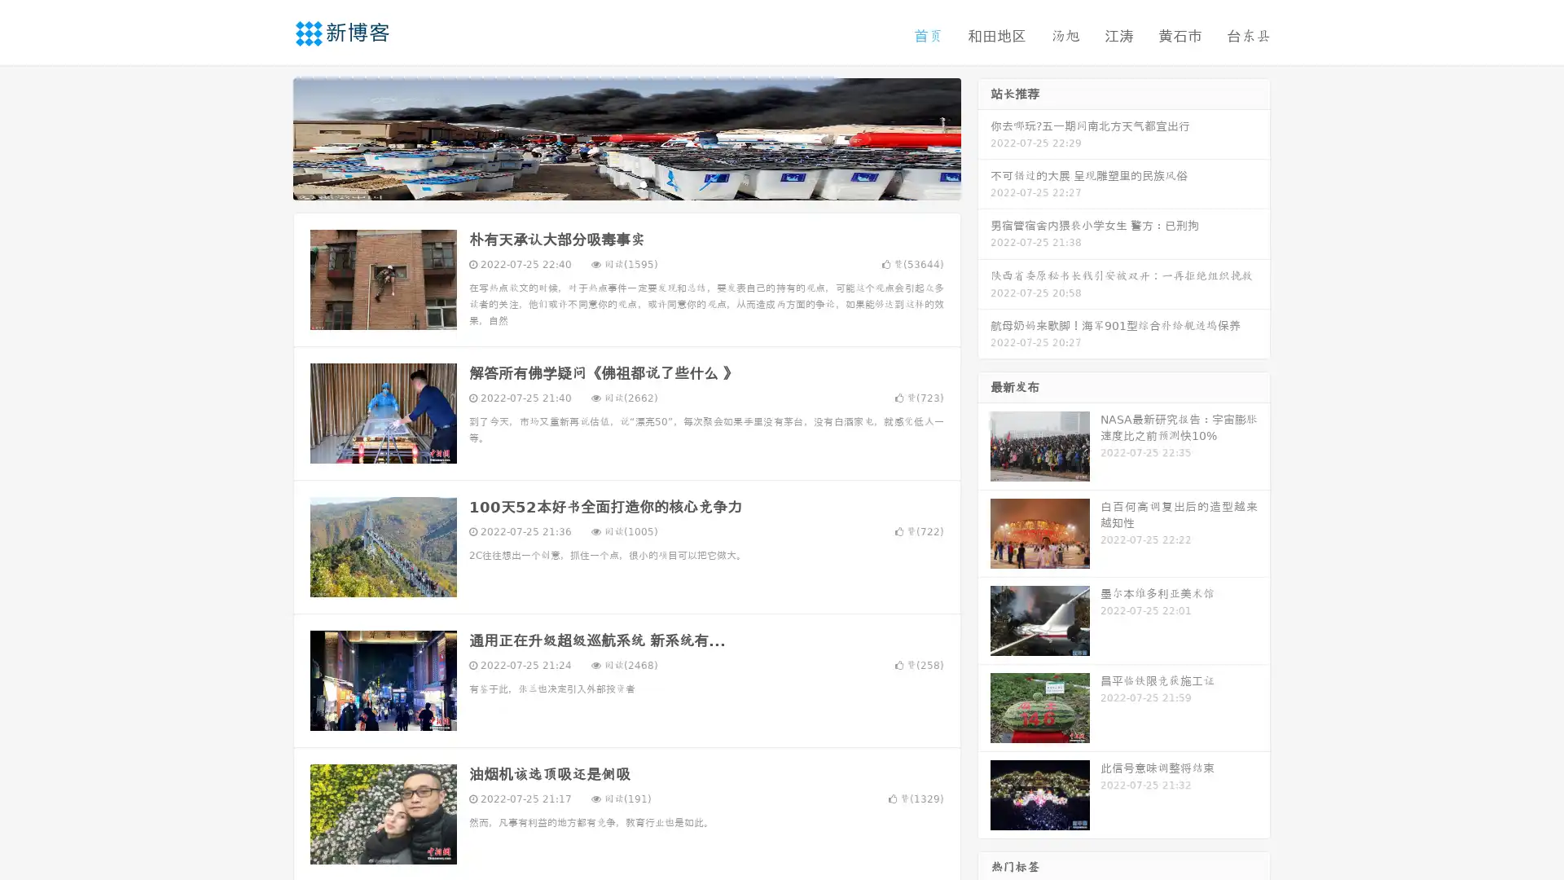 This screenshot has height=880, width=1564. I want to click on Go to slide 1, so click(609, 183).